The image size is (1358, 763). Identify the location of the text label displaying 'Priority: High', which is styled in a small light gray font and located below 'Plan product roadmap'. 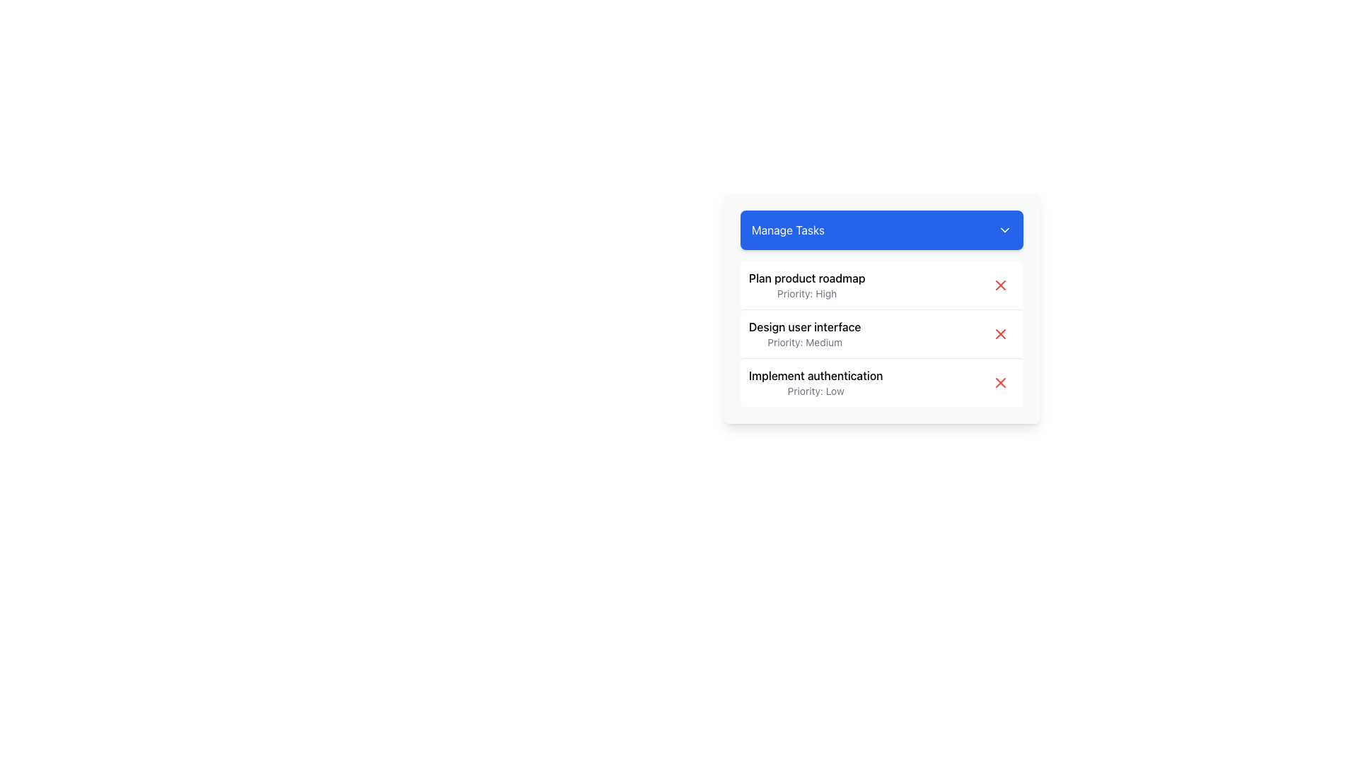
(807, 293).